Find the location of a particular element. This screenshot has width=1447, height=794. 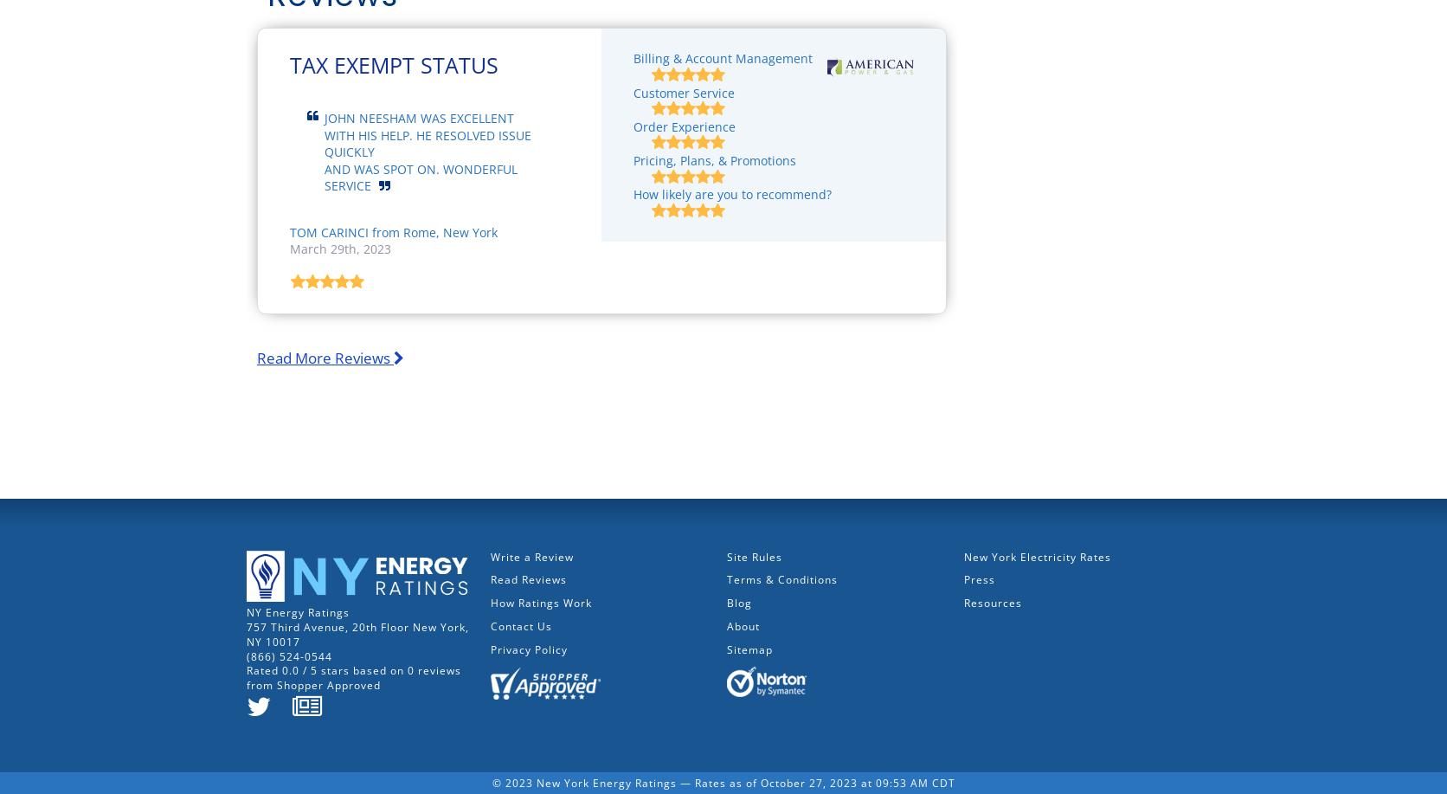

',' is located at coordinates (466, 626).